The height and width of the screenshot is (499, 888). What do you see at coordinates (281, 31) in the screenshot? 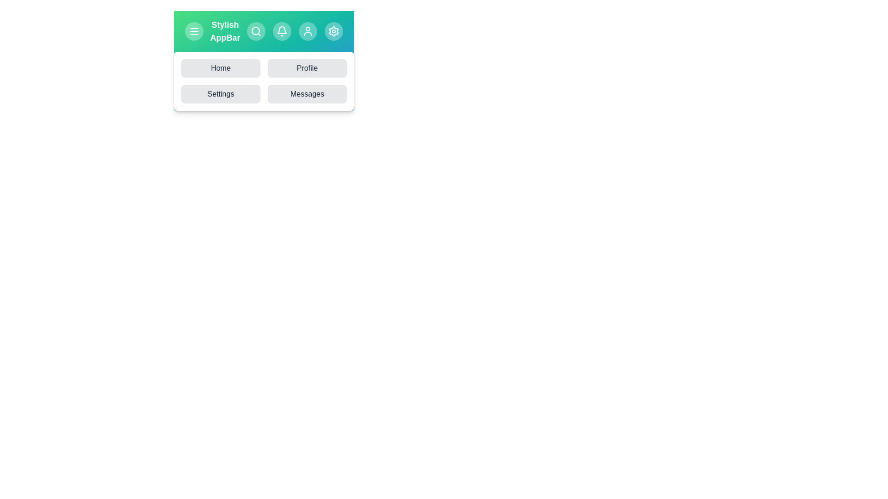
I see `the Bell icon in the app bar` at bounding box center [281, 31].